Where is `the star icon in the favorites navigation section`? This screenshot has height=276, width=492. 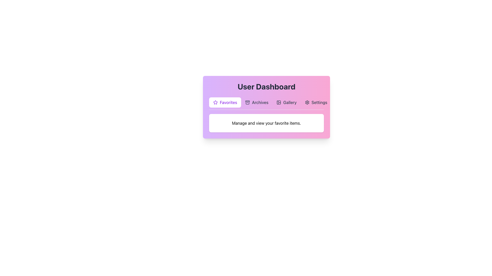
the star icon in the favorites navigation section is located at coordinates (215, 102).